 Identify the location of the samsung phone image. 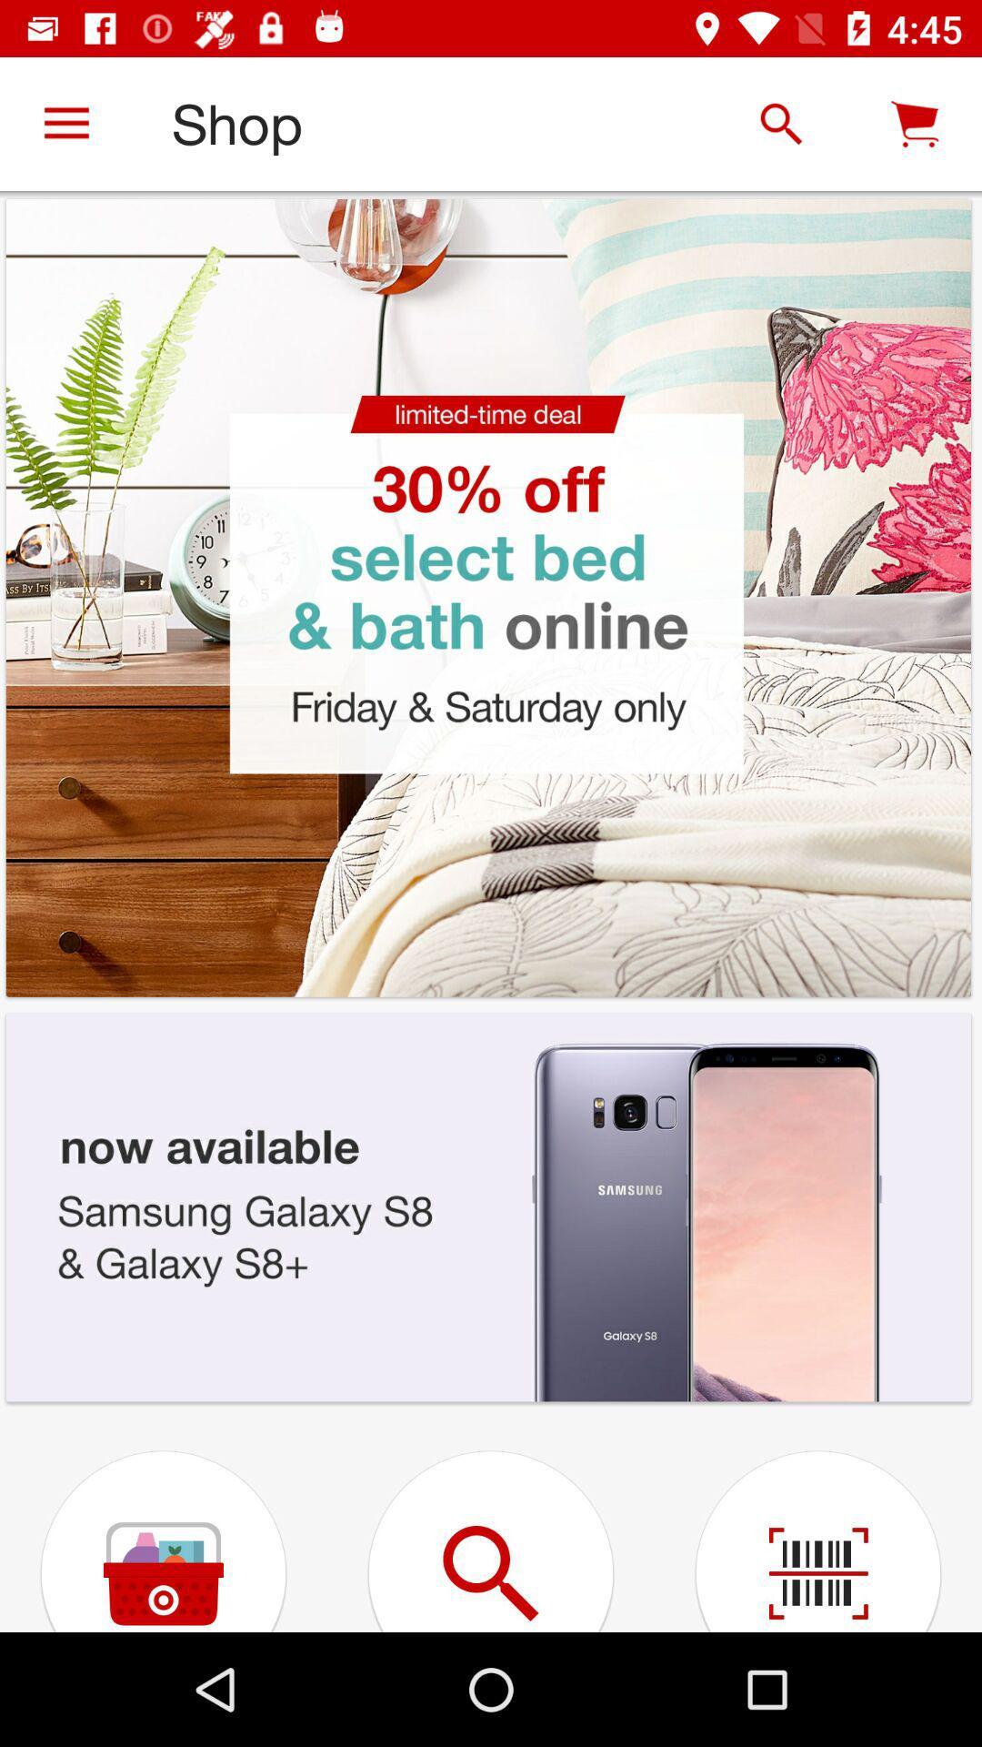
(487, 1207).